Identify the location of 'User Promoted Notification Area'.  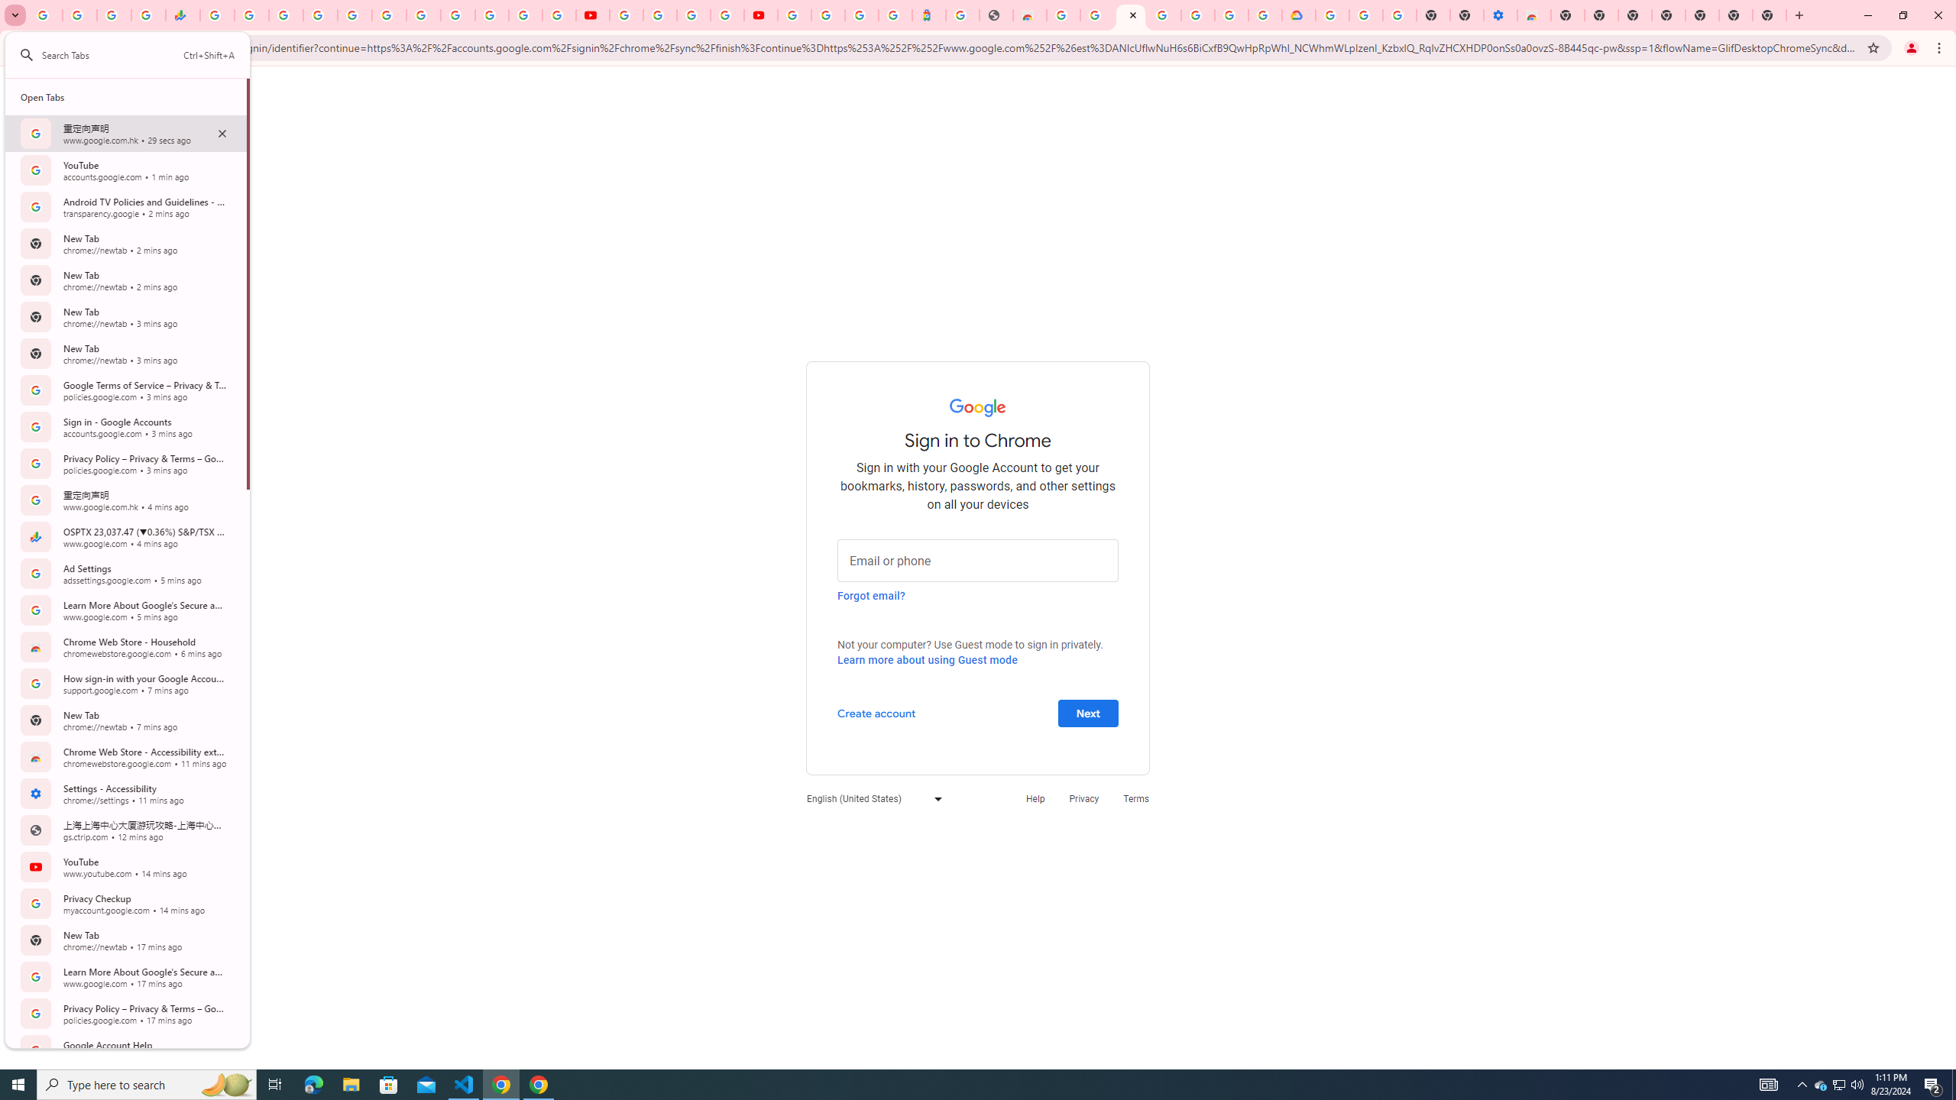
(1838, 1083).